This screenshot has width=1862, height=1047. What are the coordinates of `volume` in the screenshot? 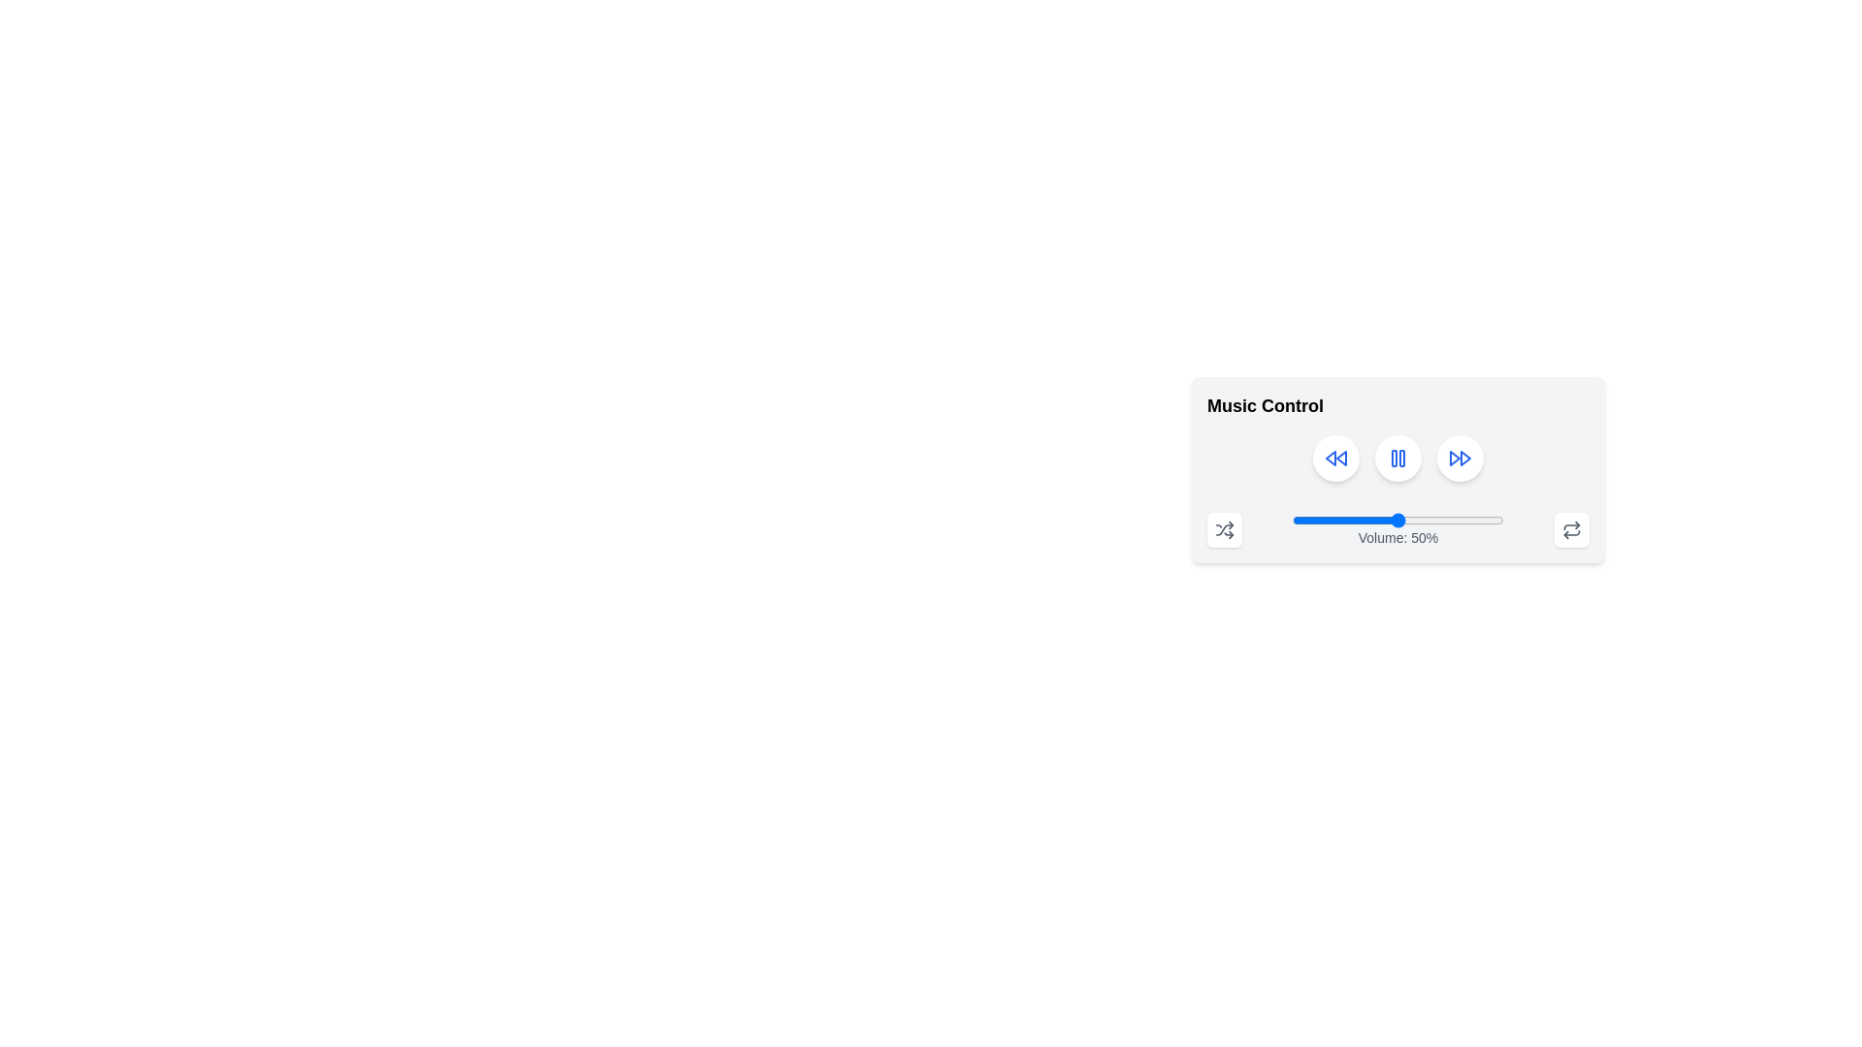 It's located at (1406, 519).